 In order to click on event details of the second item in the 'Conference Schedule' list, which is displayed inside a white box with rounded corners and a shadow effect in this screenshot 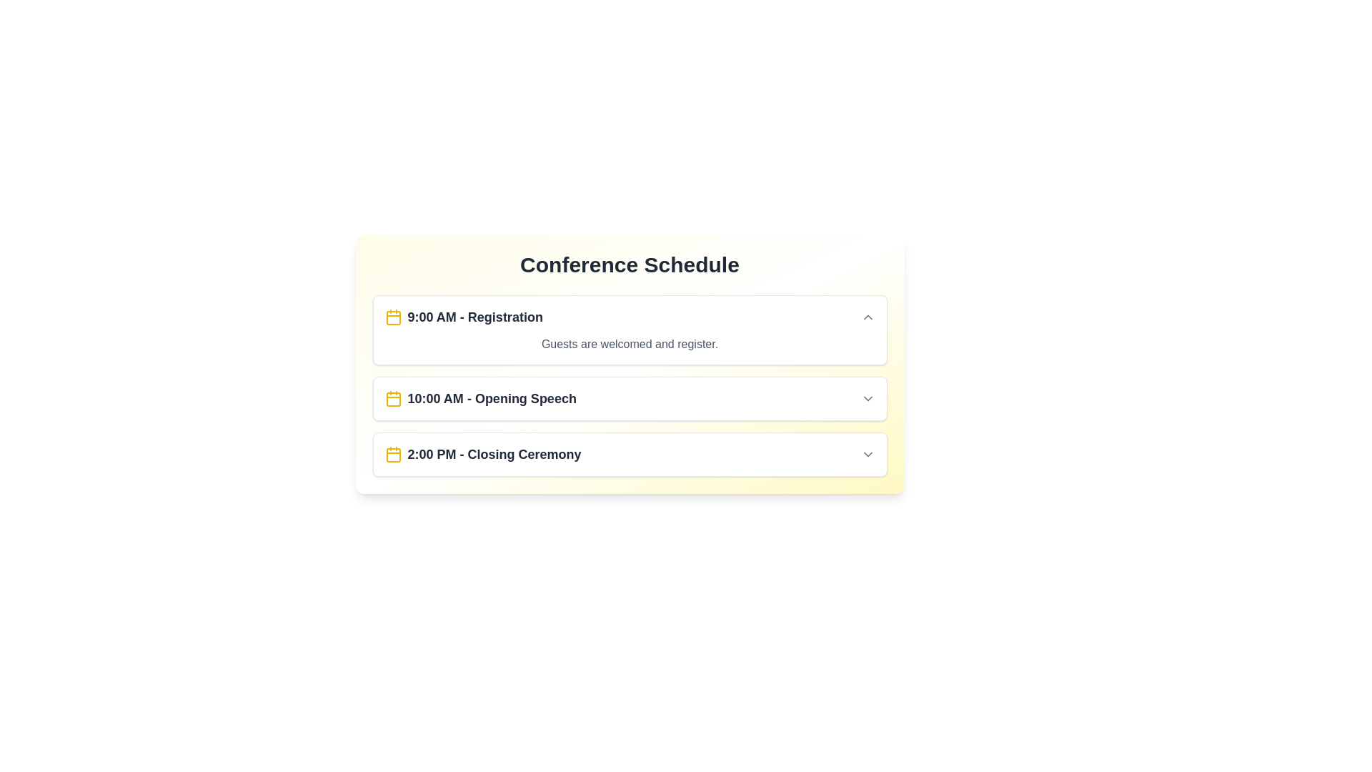, I will do `click(629, 386)`.